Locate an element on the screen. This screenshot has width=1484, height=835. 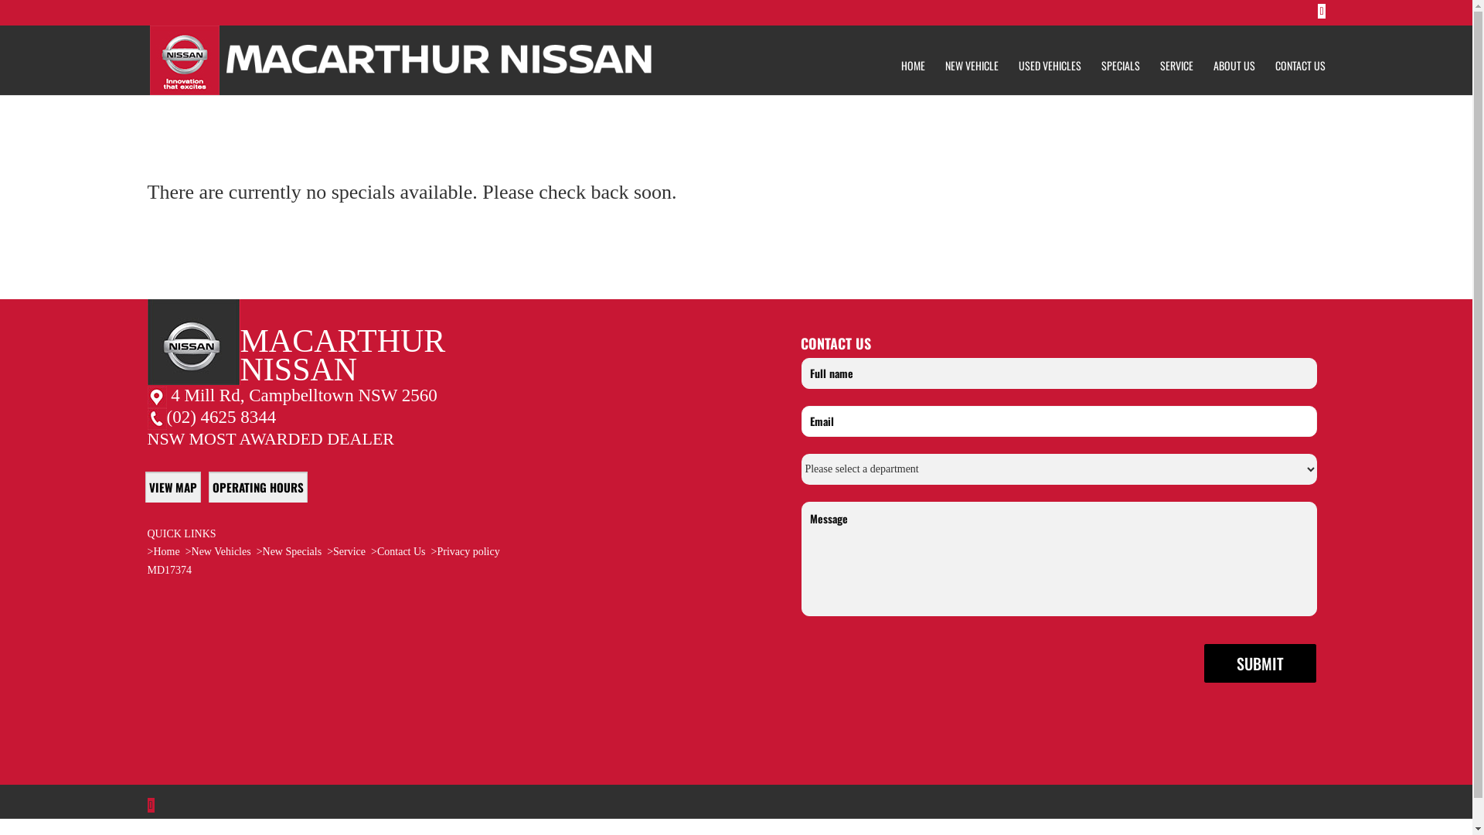
'Contact Us' is located at coordinates (401, 550).